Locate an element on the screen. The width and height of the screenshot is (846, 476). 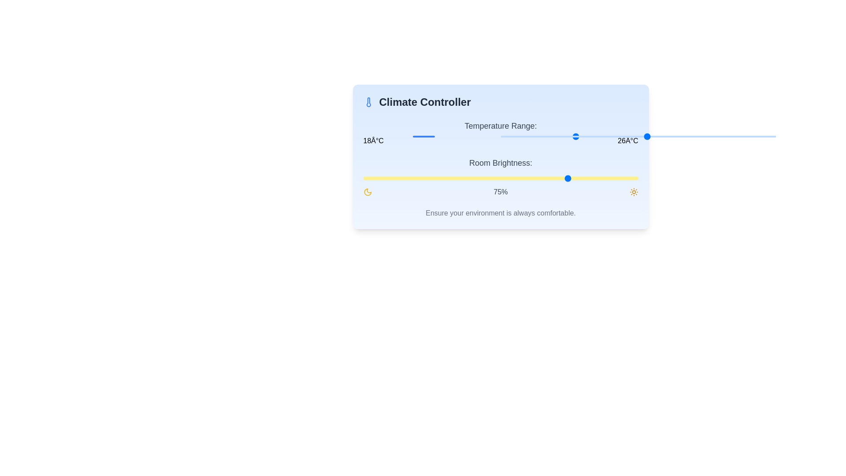
the room brightness is located at coordinates (533, 178).